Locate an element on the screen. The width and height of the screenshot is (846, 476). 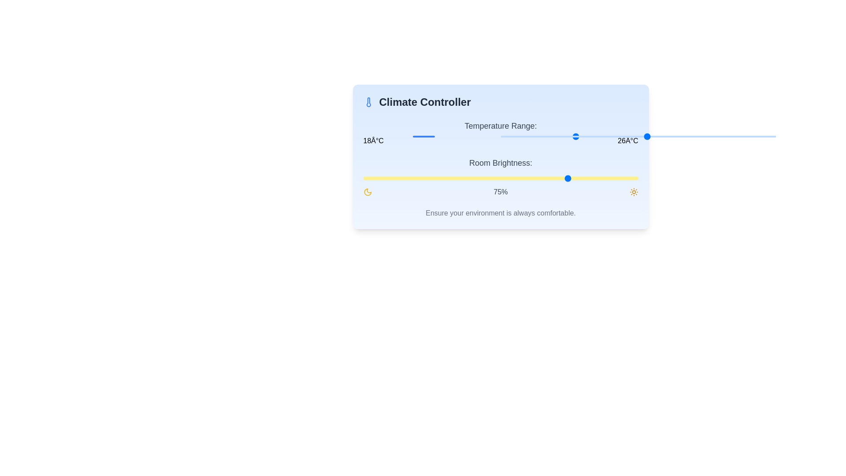
the room brightness is located at coordinates (533, 178).